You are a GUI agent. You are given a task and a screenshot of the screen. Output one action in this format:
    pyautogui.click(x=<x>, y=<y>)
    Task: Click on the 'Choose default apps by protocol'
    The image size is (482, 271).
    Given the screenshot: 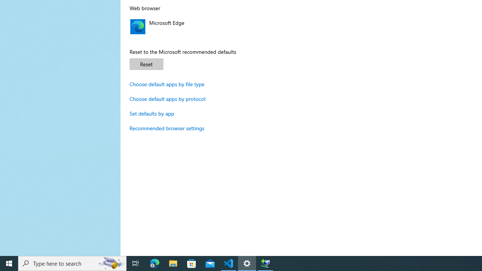 What is the action you would take?
    pyautogui.click(x=167, y=98)
    